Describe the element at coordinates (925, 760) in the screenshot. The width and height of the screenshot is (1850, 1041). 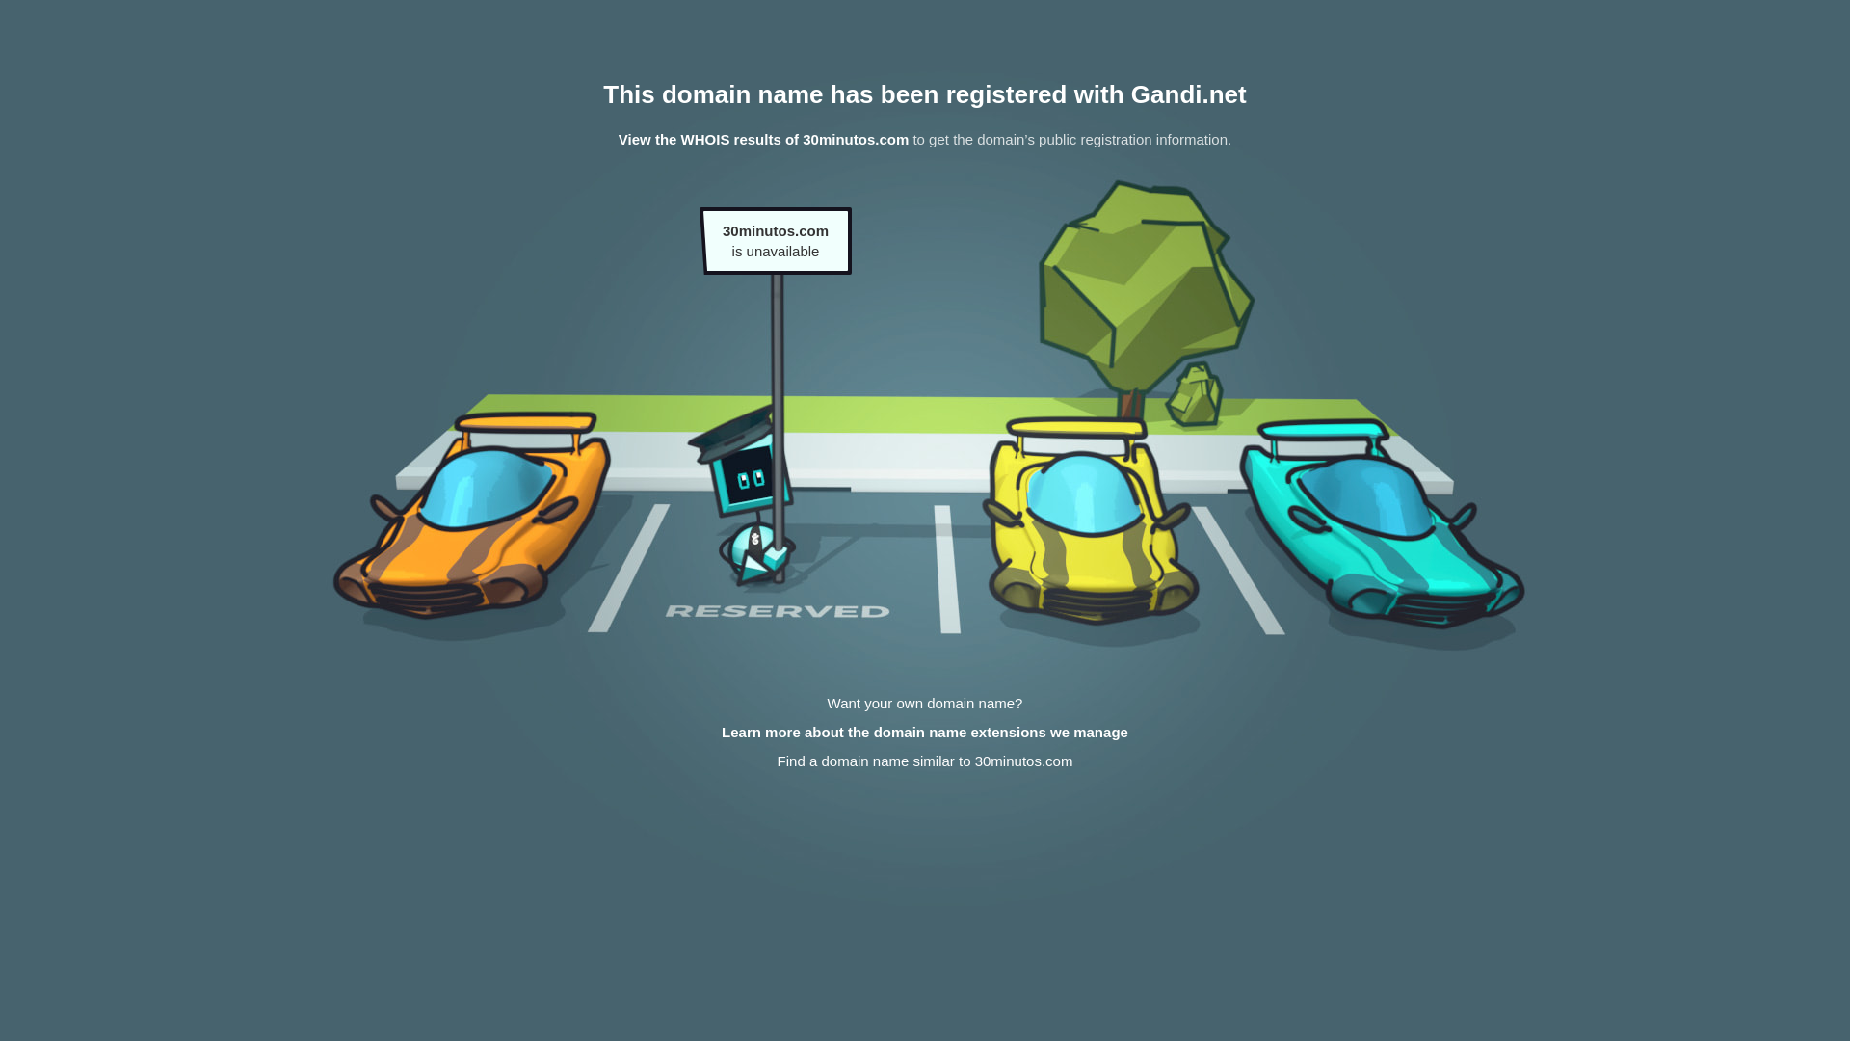
I see `'Find a domain name similar to 30minutos.com'` at that location.